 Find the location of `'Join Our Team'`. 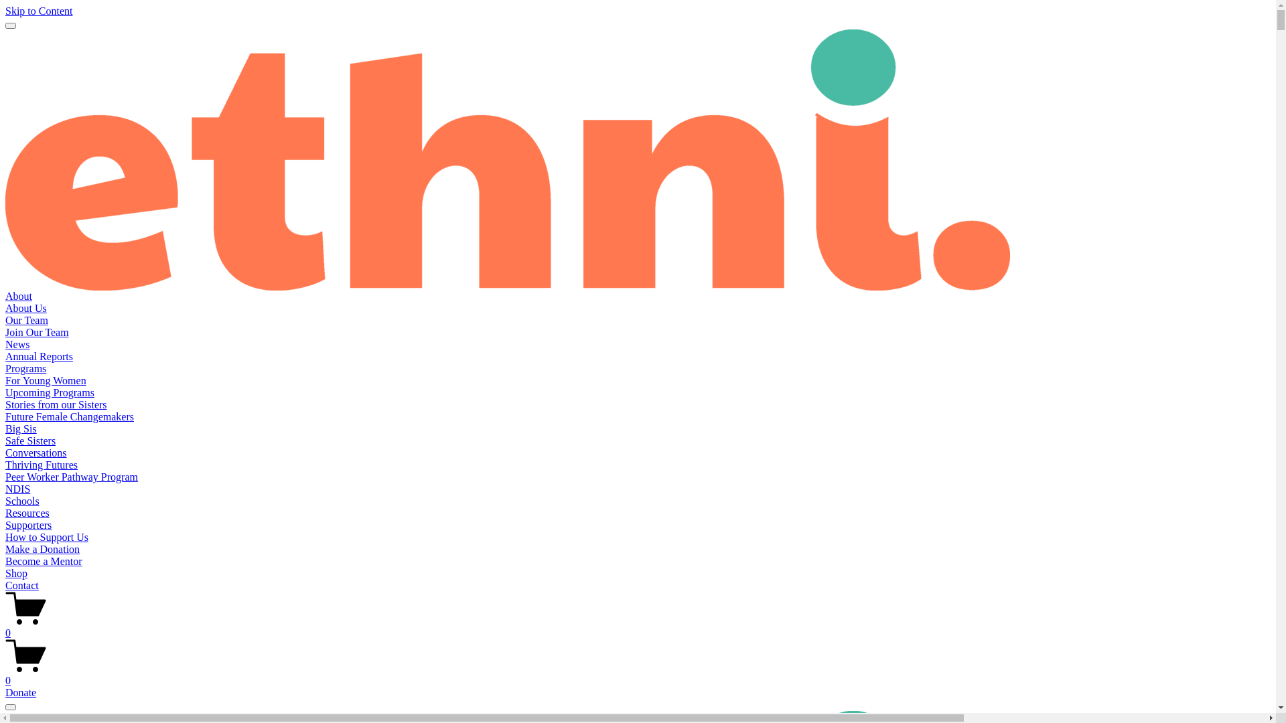

'Join Our Team' is located at coordinates (5, 331).